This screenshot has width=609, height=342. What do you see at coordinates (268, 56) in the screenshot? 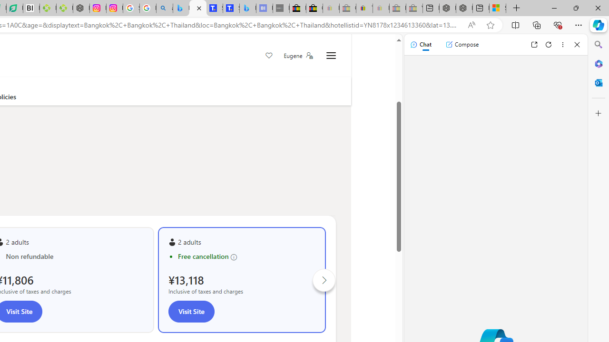
I see `'Save'` at bounding box center [268, 56].